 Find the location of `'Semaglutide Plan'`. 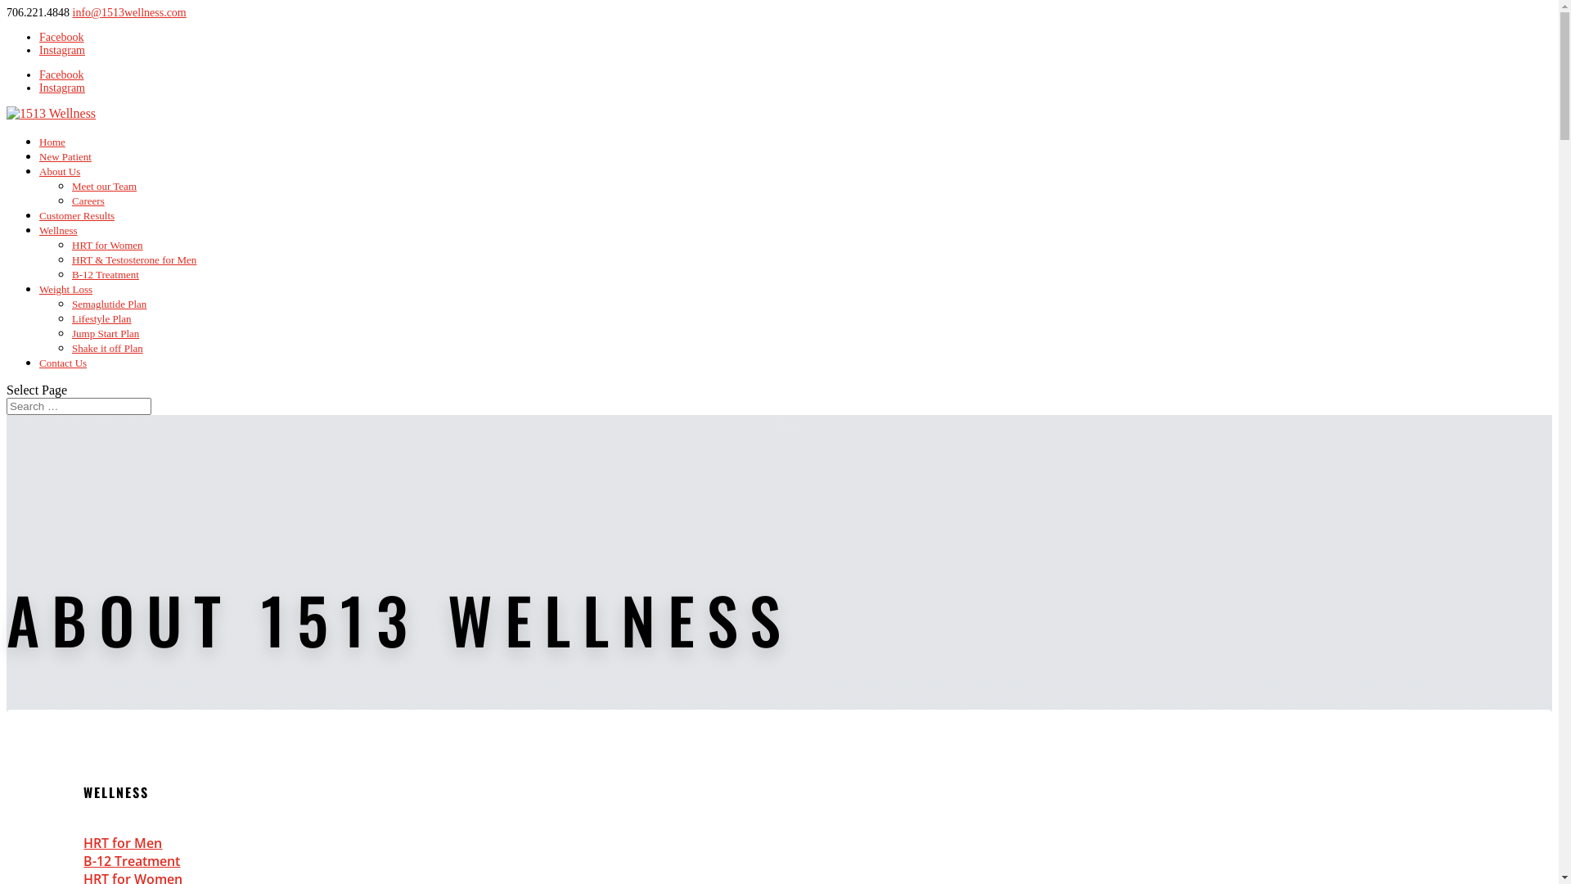

'Semaglutide Plan' is located at coordinates (108, 304).